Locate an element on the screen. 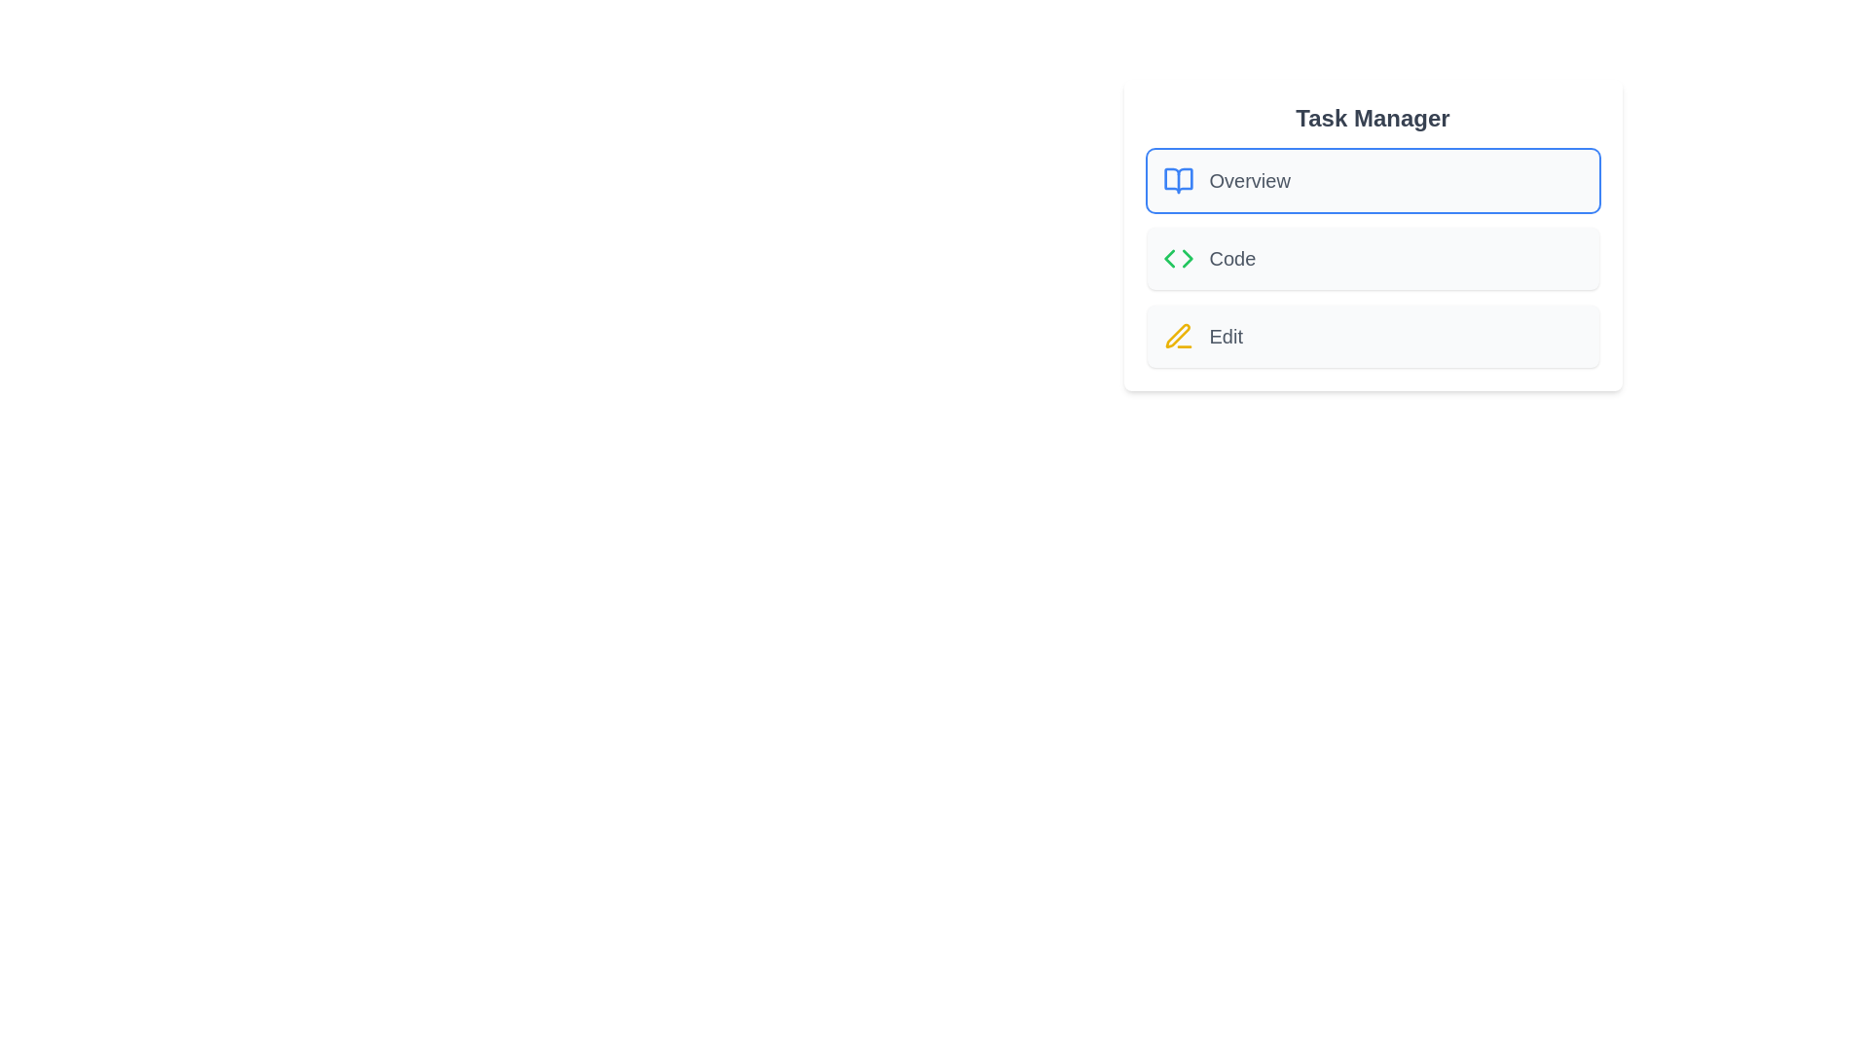 Image resolution: width=1869 pixels, height=1051 pixels. the blue-themed open book icon in the 'Overview' section of the menu is located at coordinates (1177, 180).